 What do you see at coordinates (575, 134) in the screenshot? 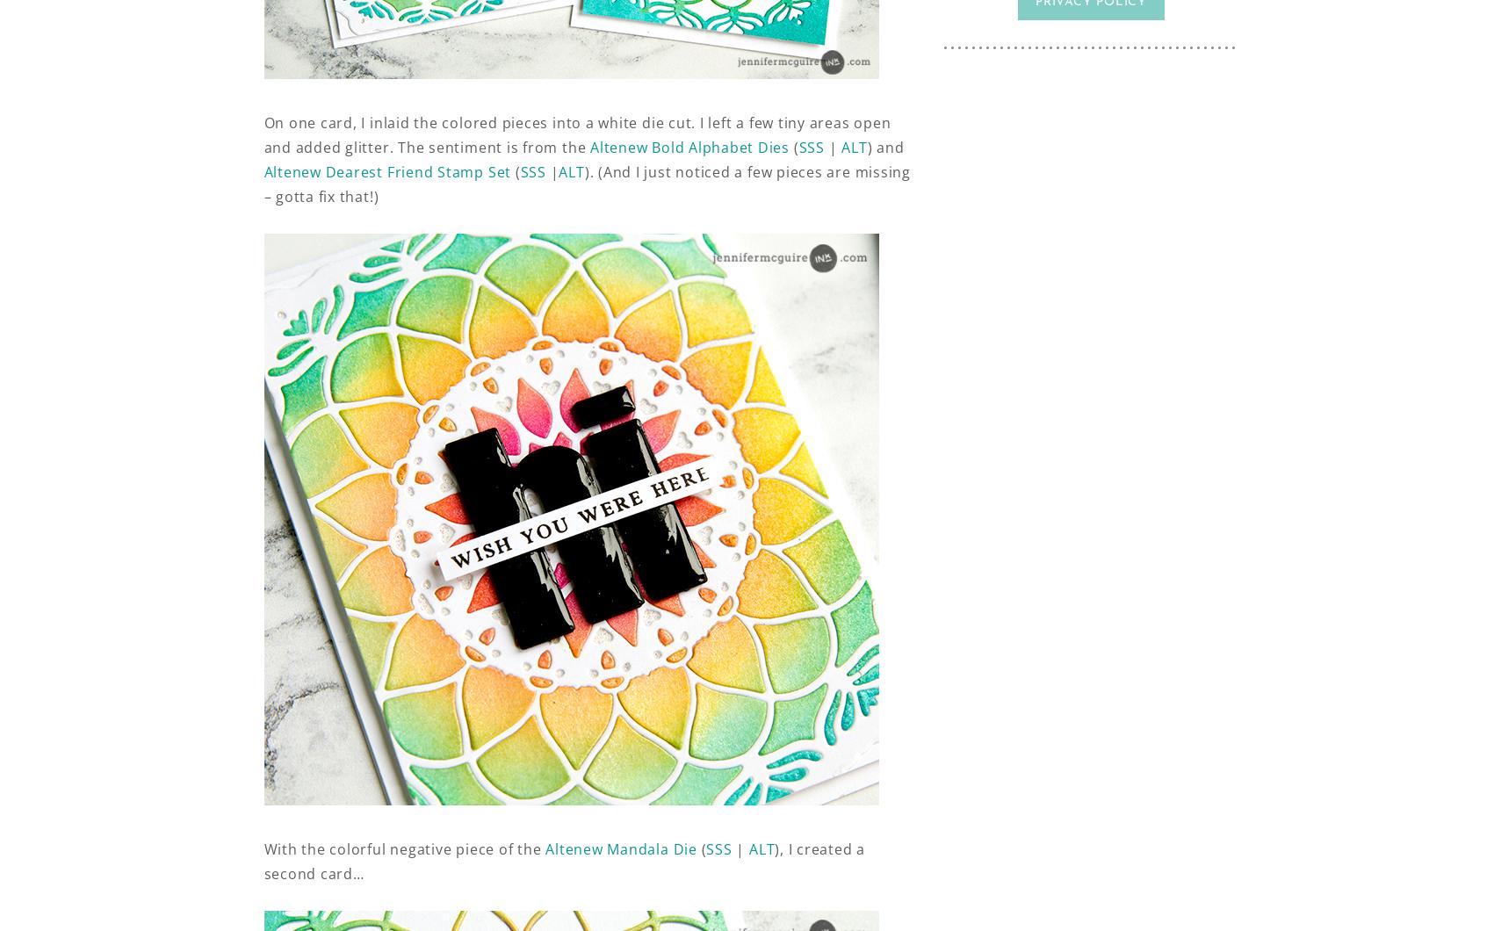
I see `'On one card, I inlaid the colored pieces into a white die cut. I left a few tiny areas open and added glitter. The sentiment is from the'` at bounding box center [575, 134].